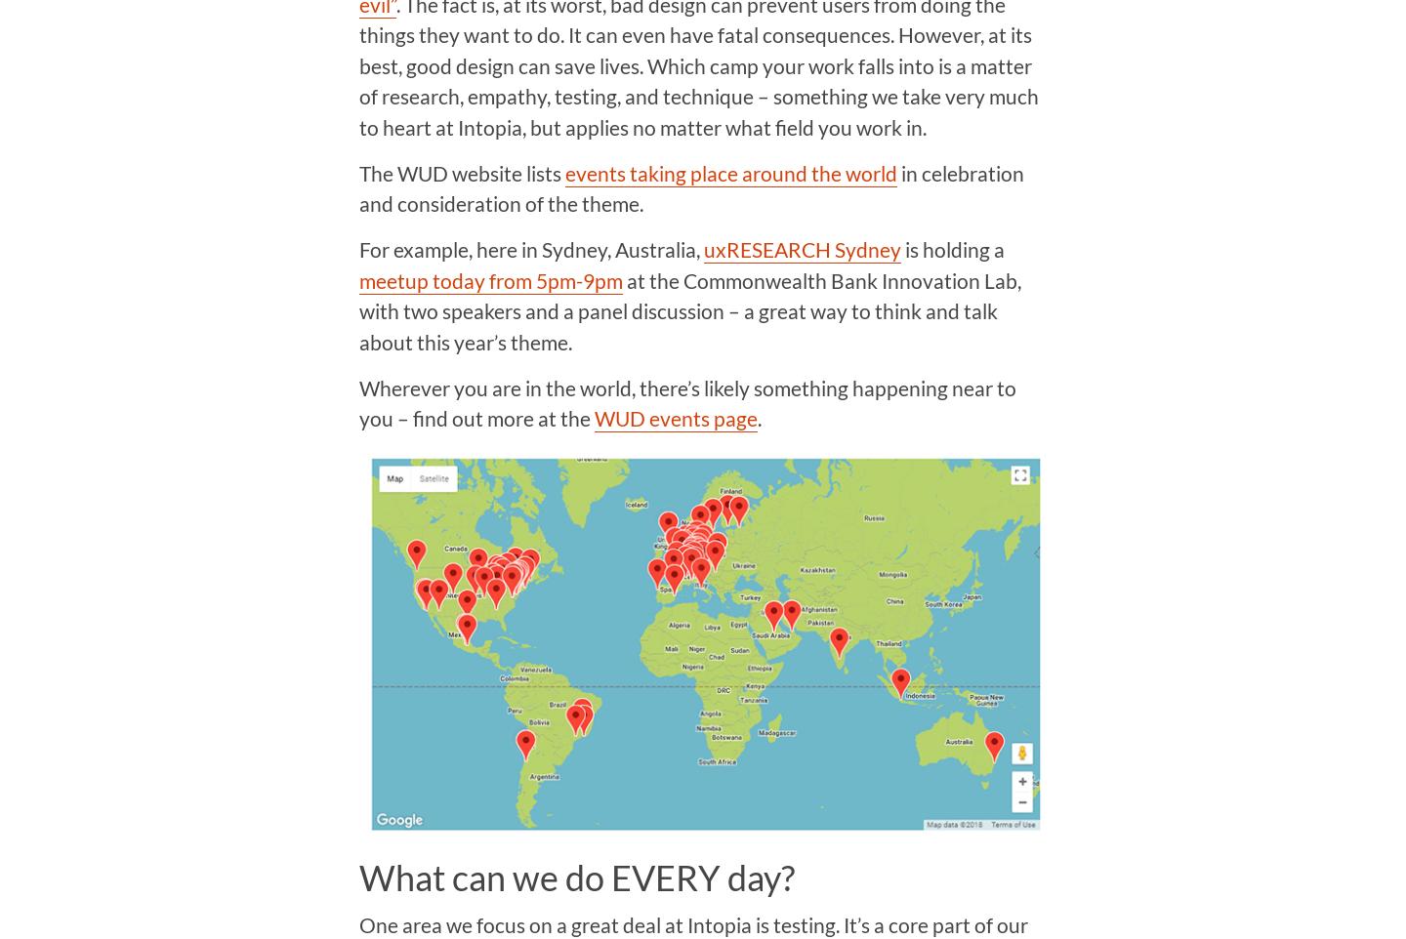 The width and height of the screenshot is (1406, 939). I want to click on 'What can we do EVERY day?', so click(575, 876).